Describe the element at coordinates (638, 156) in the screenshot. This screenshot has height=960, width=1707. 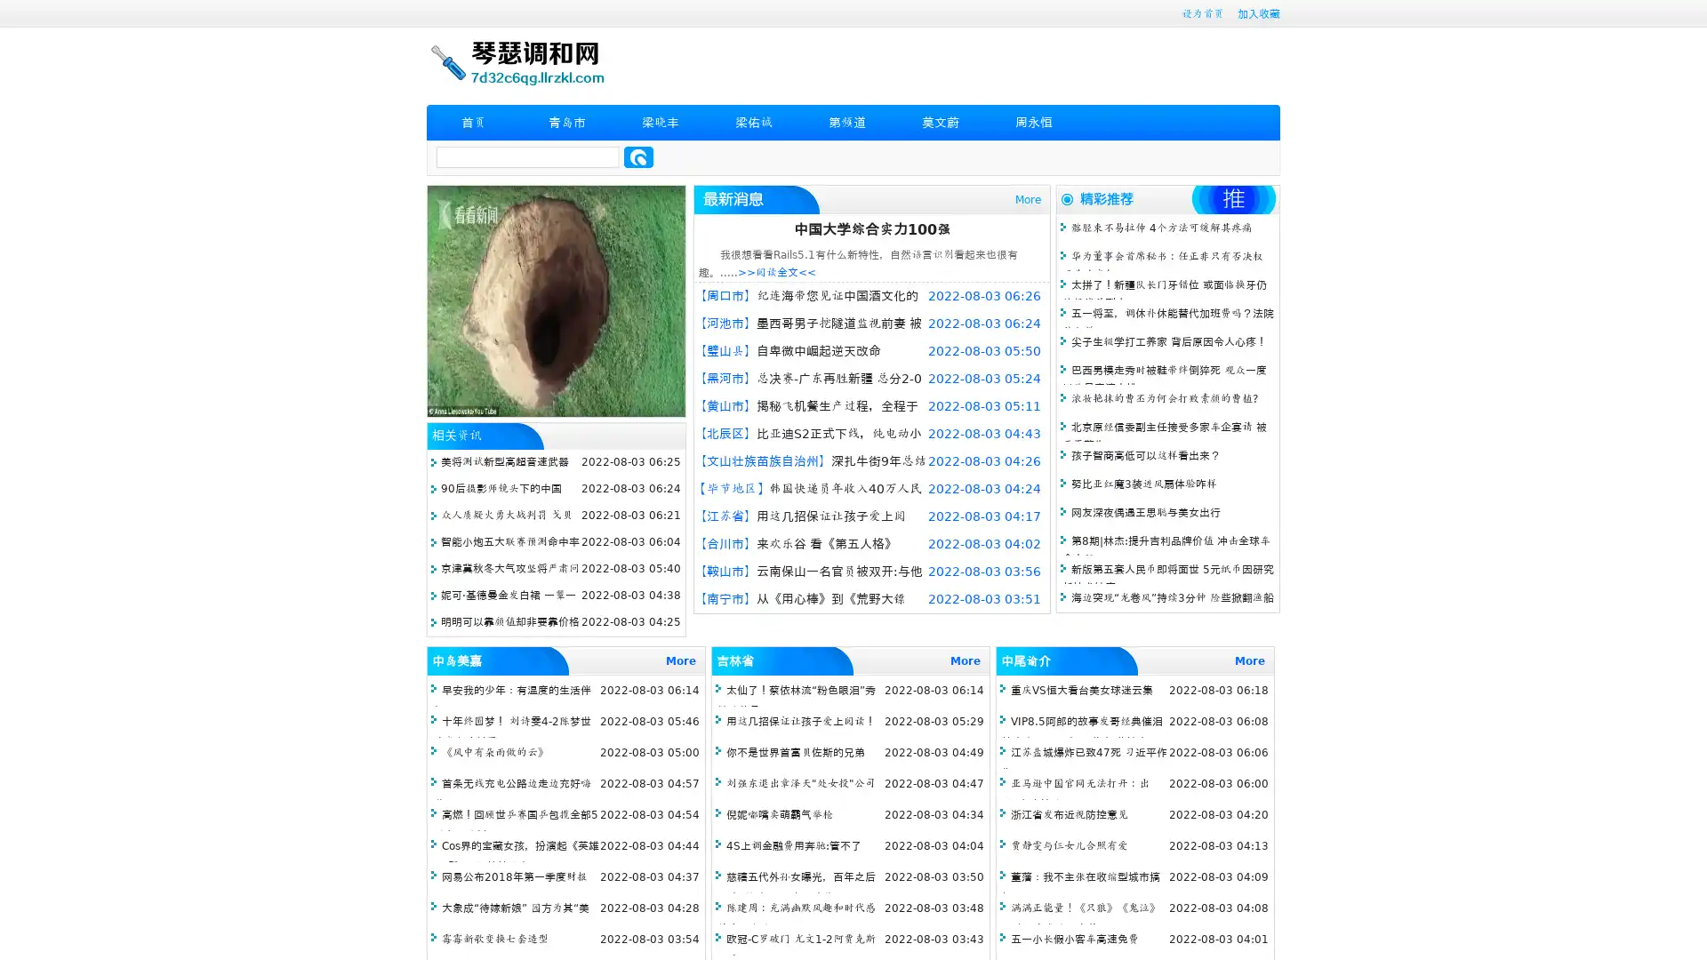
I see `Search` at that location.